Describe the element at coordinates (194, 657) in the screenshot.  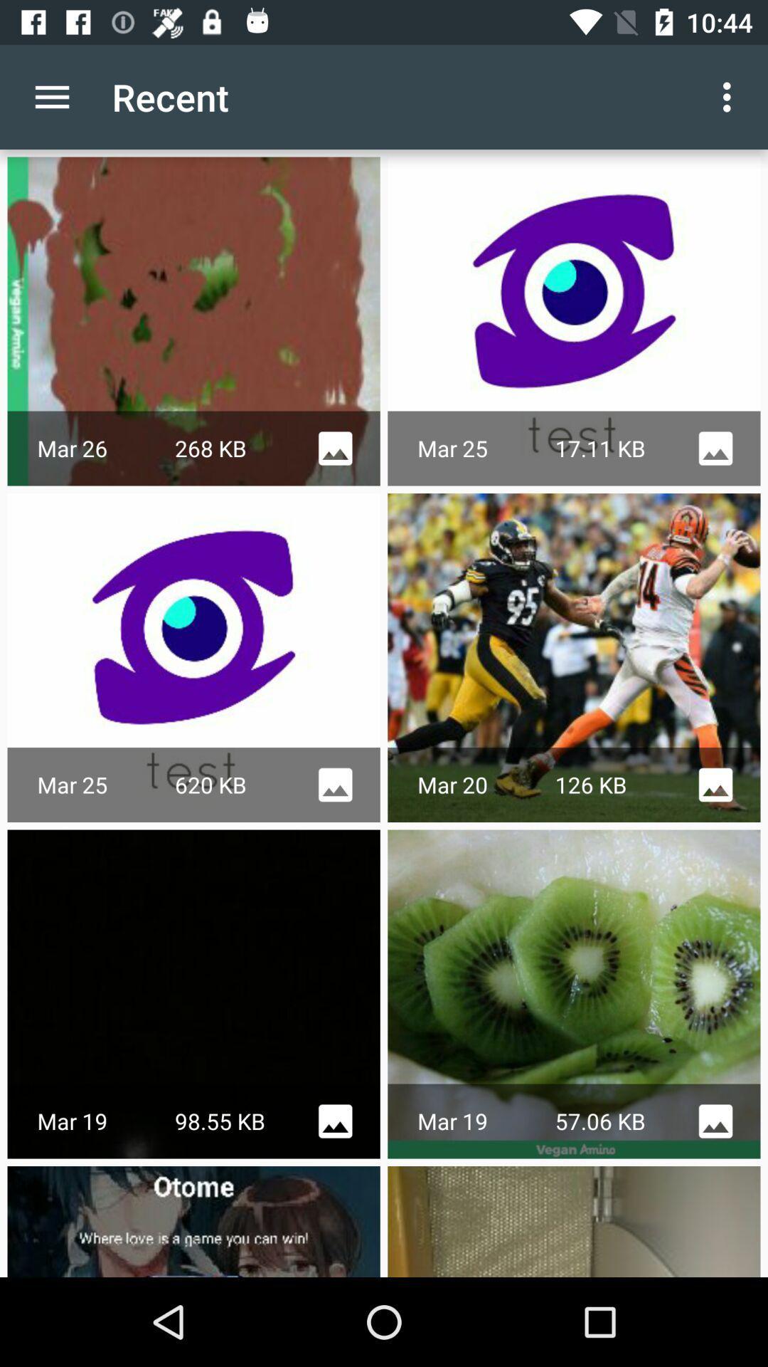
I see `the image below the text mar 26 on the web page` at that location.